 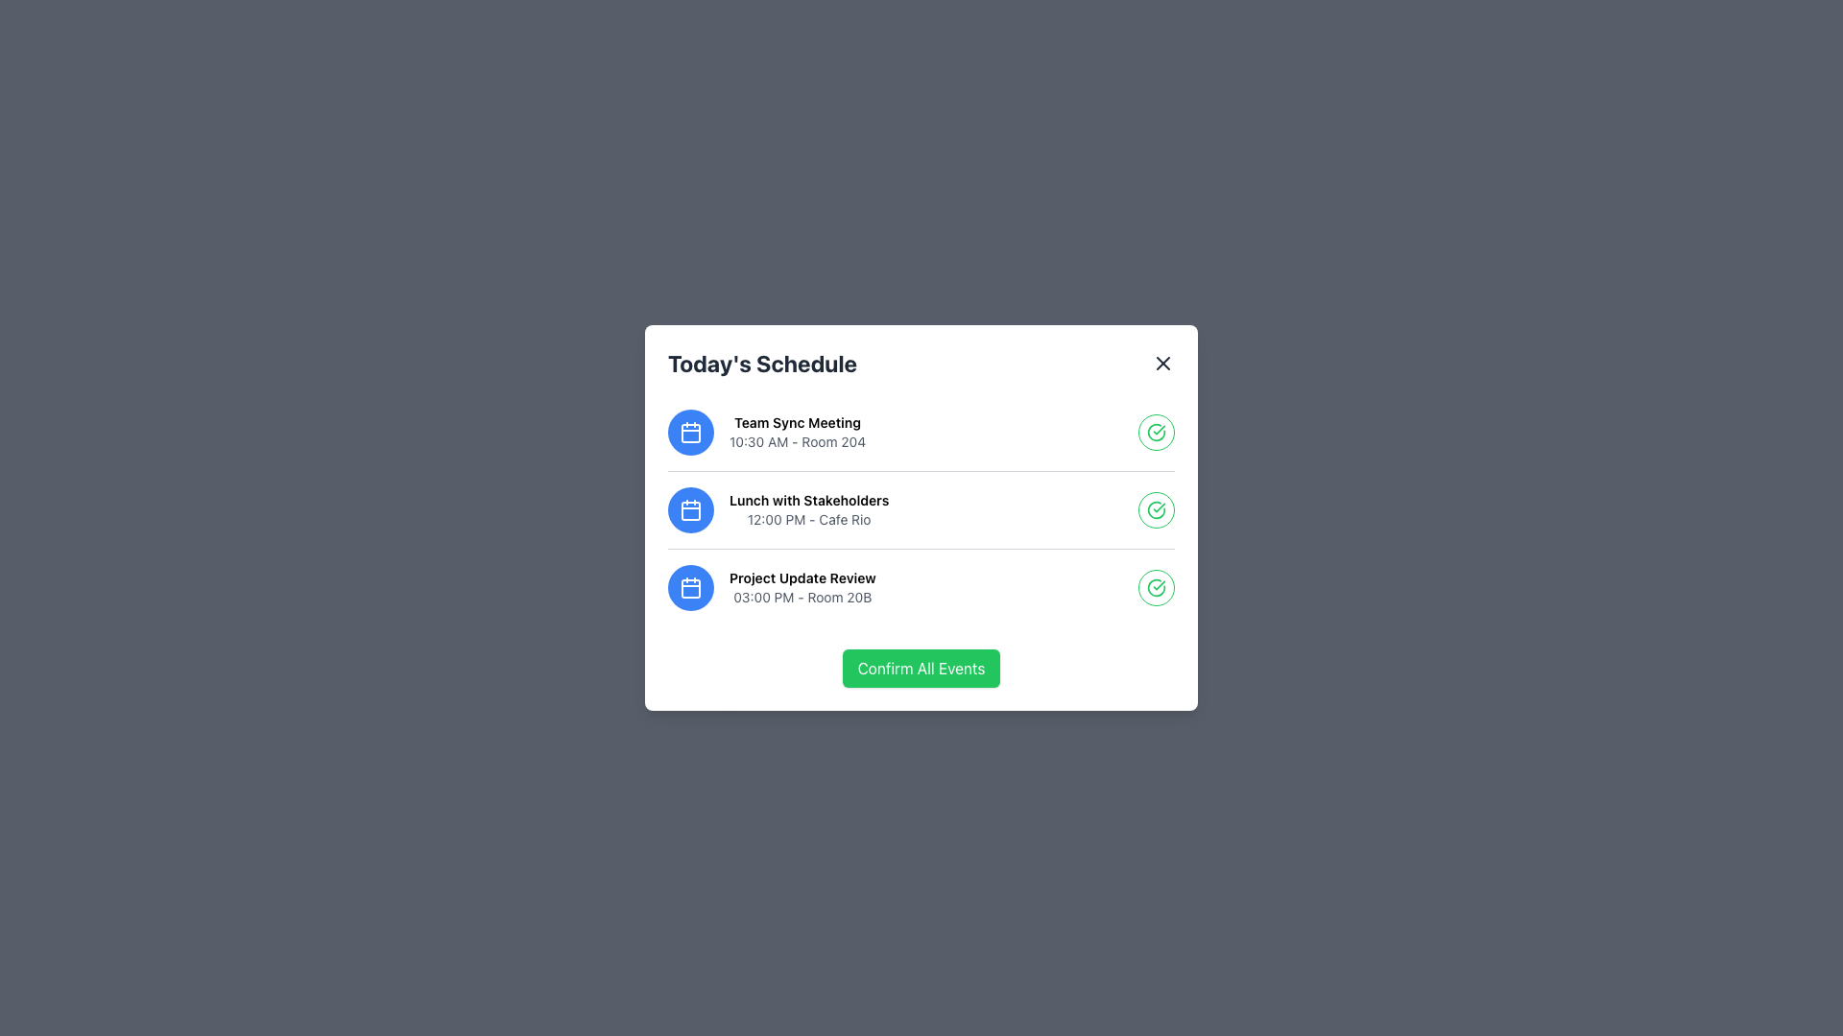 What do you see at coordinates (921, 668) in the screenshot?
I see `the green button labeled 'Confirm All Events' located at the bottom center of the 'Today's Schedule' modal to confirm all events` at bounding box center [921, 668].